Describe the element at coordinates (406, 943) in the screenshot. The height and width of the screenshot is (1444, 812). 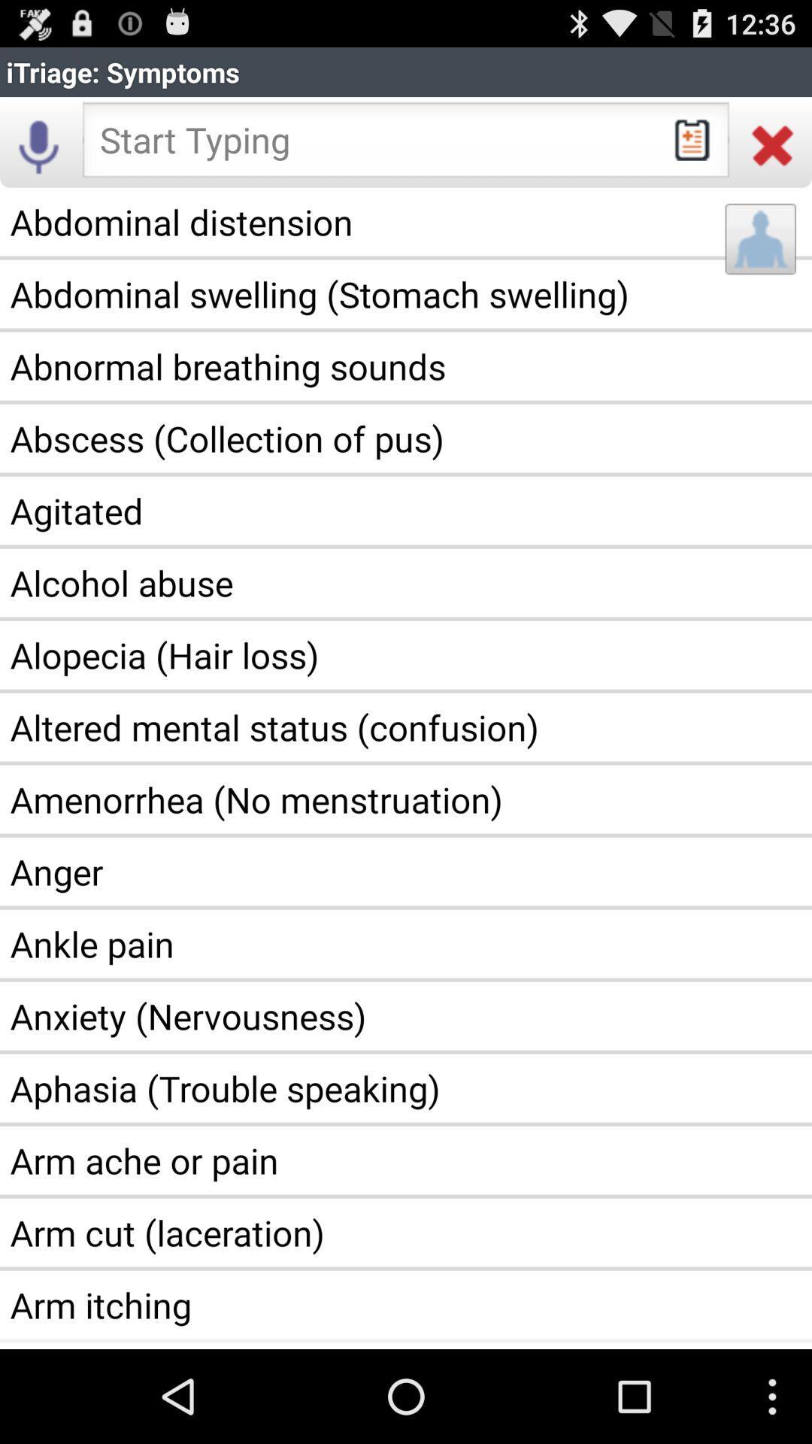
I see `the icon below anger item` at that location.